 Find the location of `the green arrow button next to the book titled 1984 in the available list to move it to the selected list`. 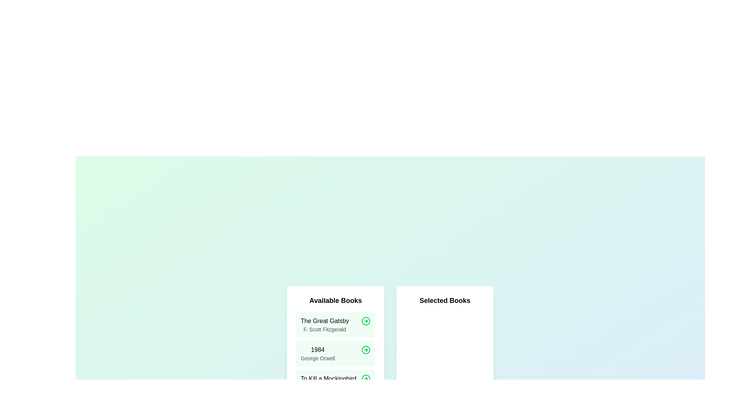

the green arrow button next to the book titled 1984 in the available list to move it to the selected list is located at coordinates (366, 350).